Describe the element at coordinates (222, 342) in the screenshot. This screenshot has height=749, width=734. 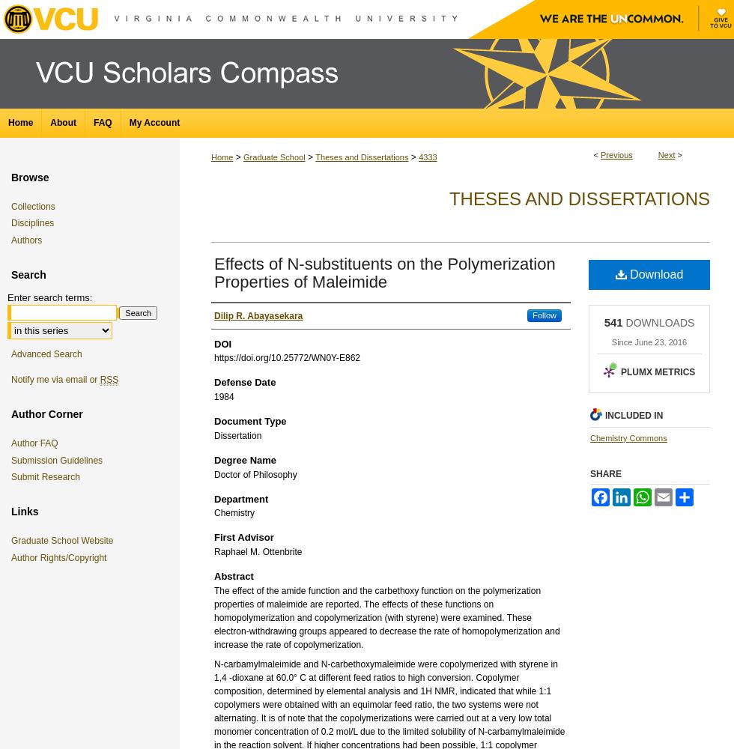
I see `'DOI'` at that location.